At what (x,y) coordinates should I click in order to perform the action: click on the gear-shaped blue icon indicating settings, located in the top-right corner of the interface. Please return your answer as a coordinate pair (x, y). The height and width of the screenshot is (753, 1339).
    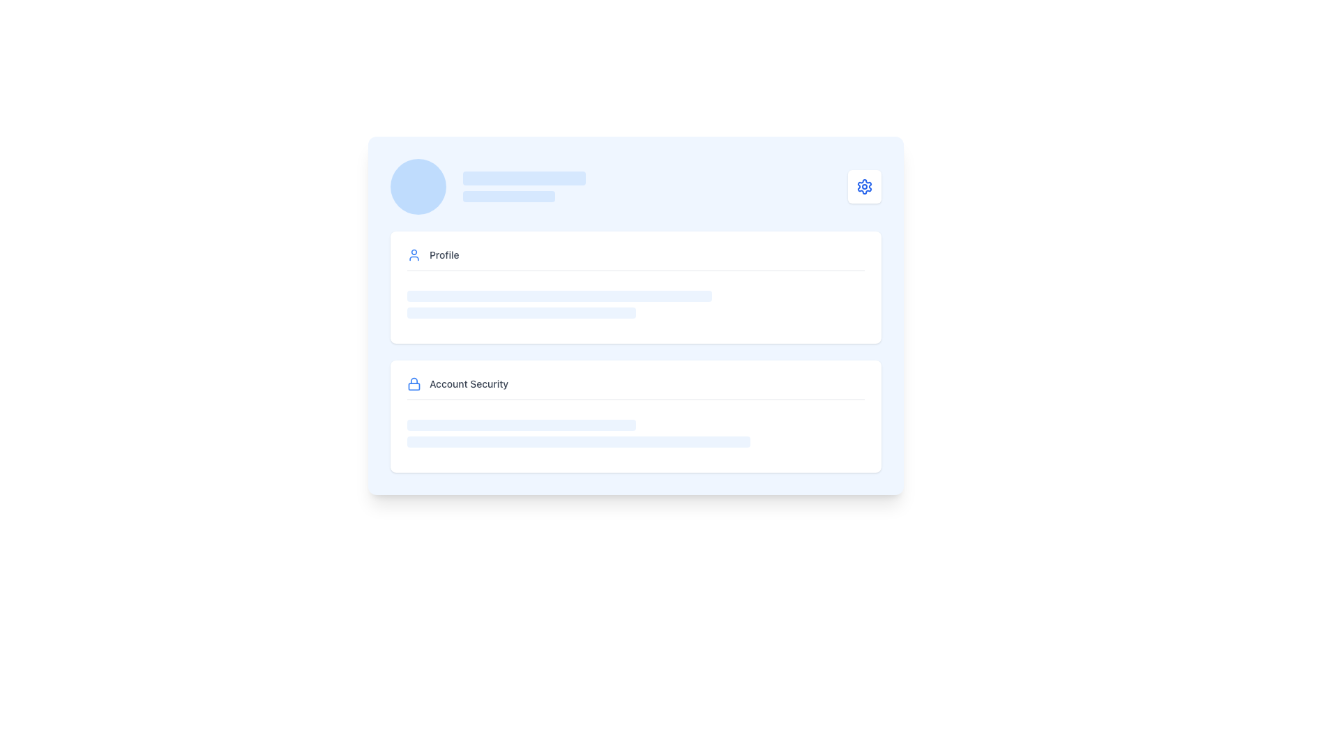
    Looking at the image, I should click on (863, 185).